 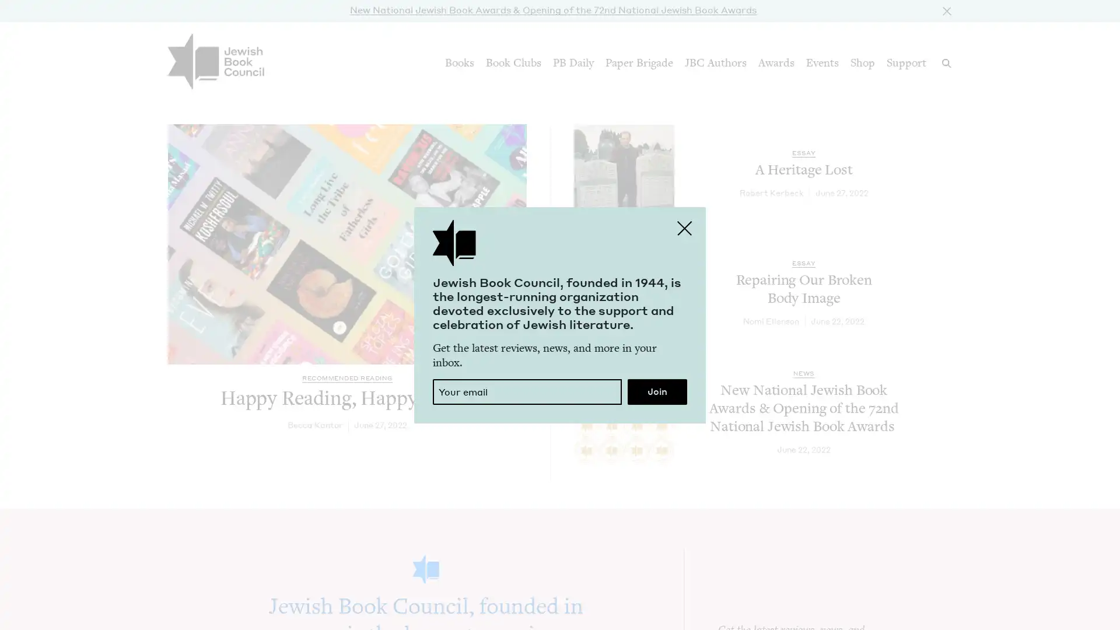 What do you see at coordinates (946, 63) in the screenshot?
I see `Search` at bounding box center [946, 63].